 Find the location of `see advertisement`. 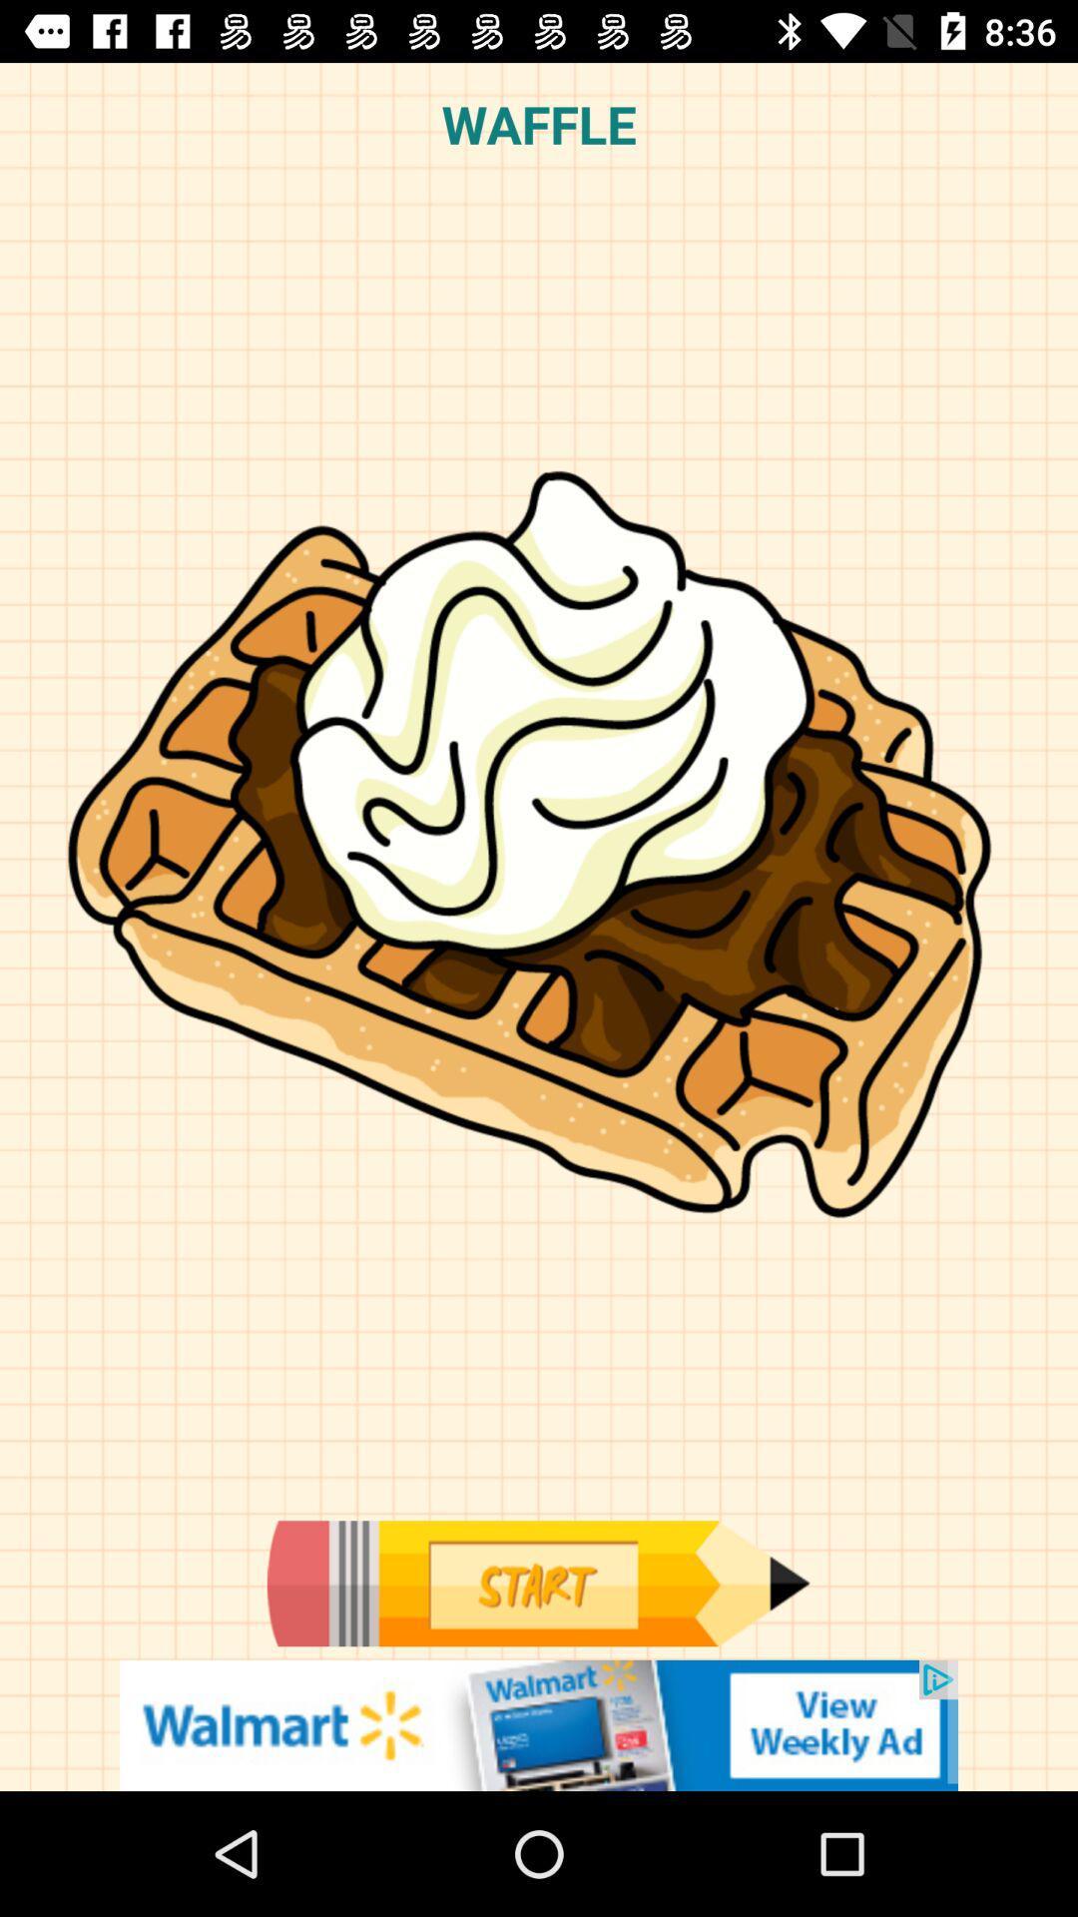

see advertisement is located at coordinates (539, 1724).